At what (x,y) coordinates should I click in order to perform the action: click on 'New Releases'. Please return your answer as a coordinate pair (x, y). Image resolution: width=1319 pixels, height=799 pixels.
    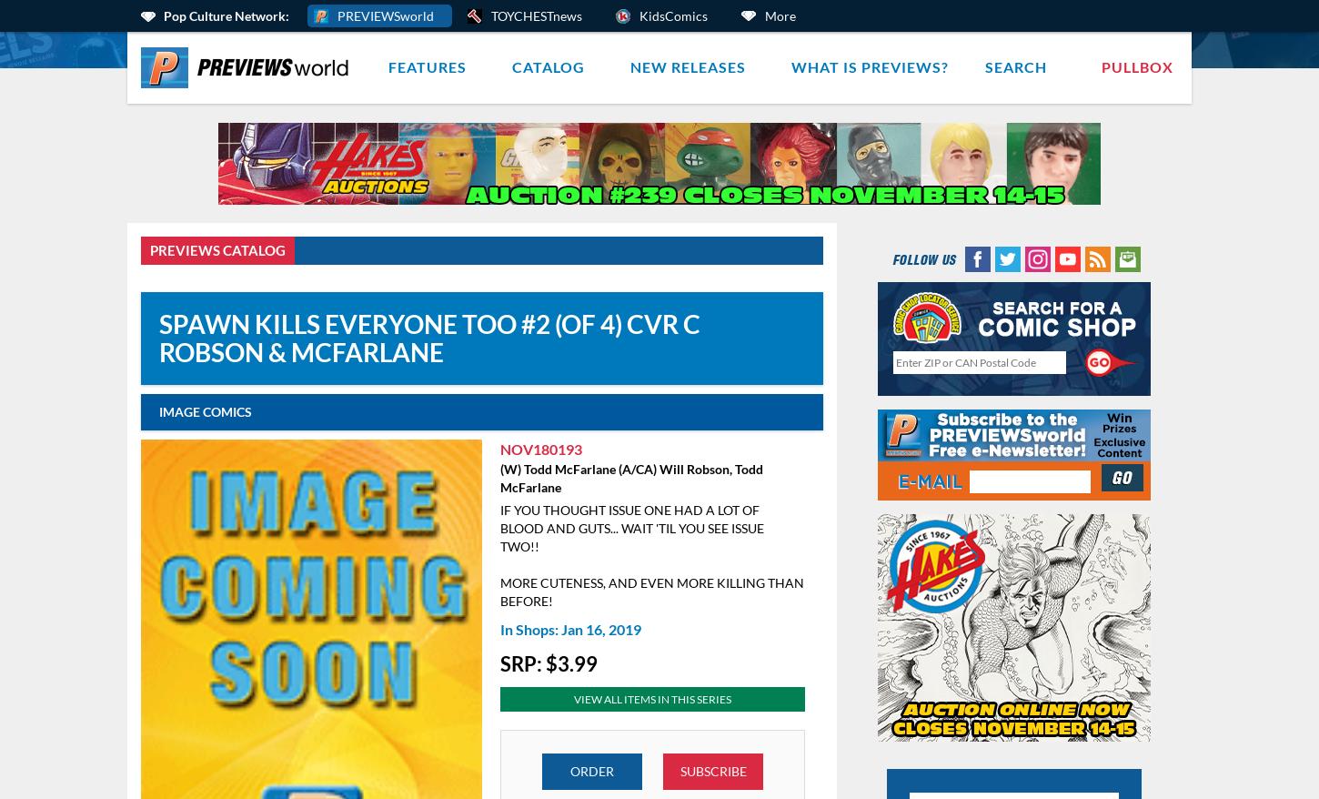
    Looking at the image, I should click on (688, 66).